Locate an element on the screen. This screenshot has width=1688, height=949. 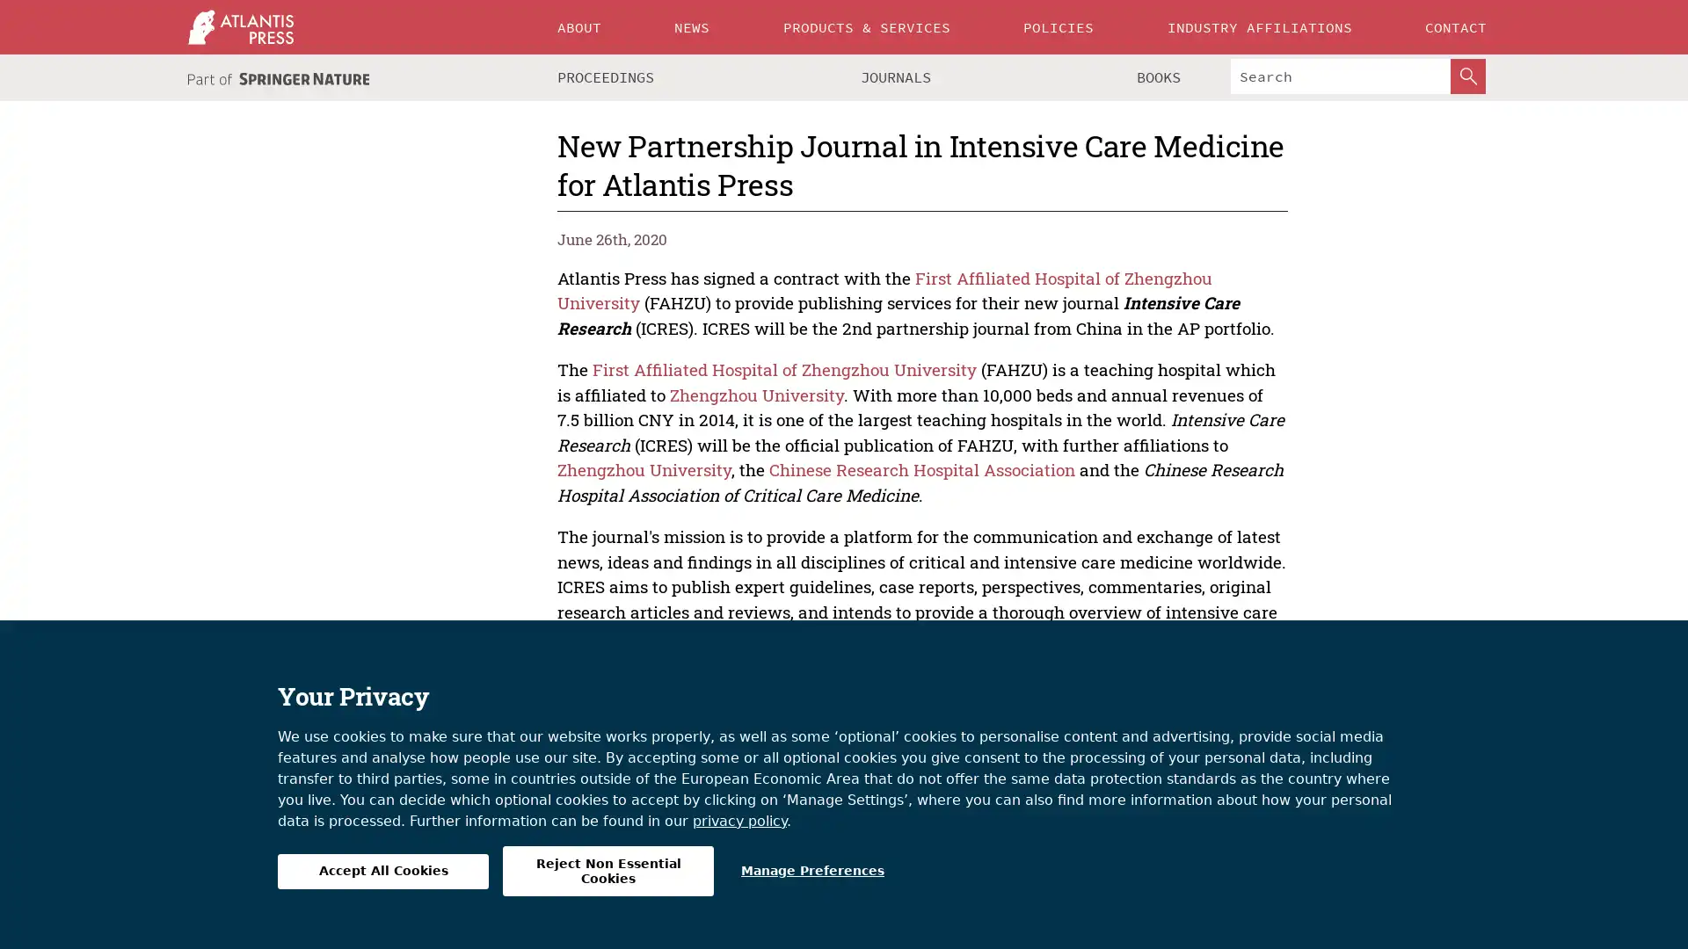
Accept All Cookies is located at coordinates (382, 871).